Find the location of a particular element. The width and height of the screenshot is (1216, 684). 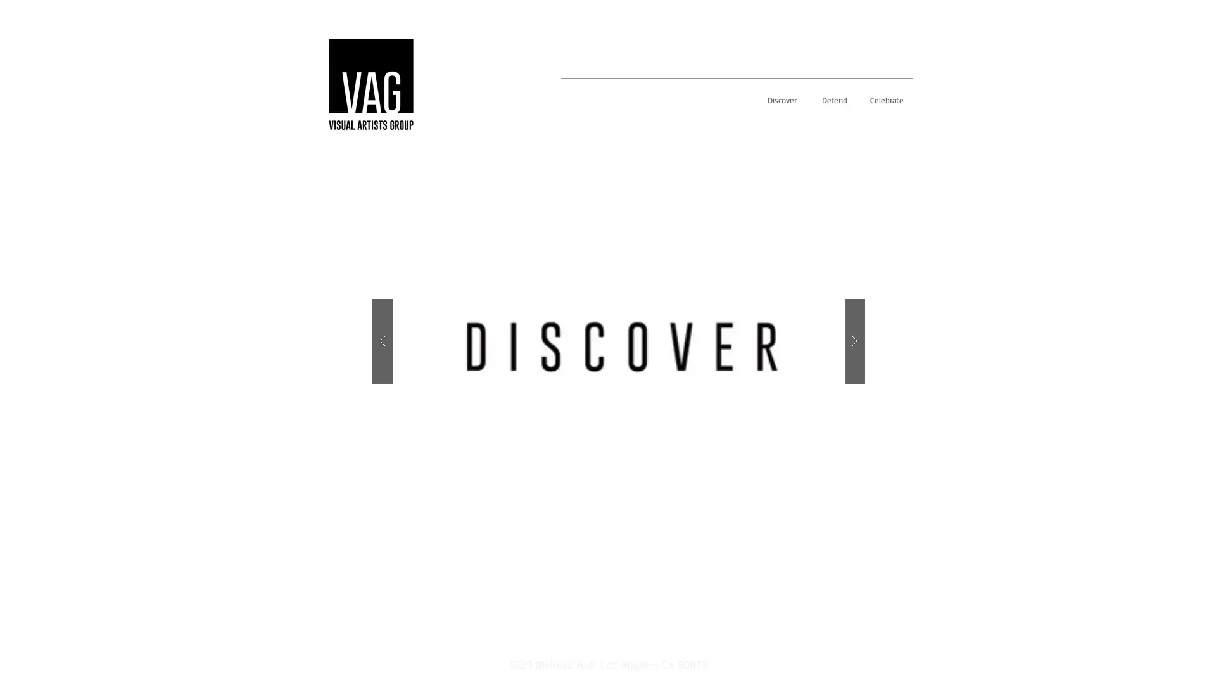

next is located at coordinates (854, 341).